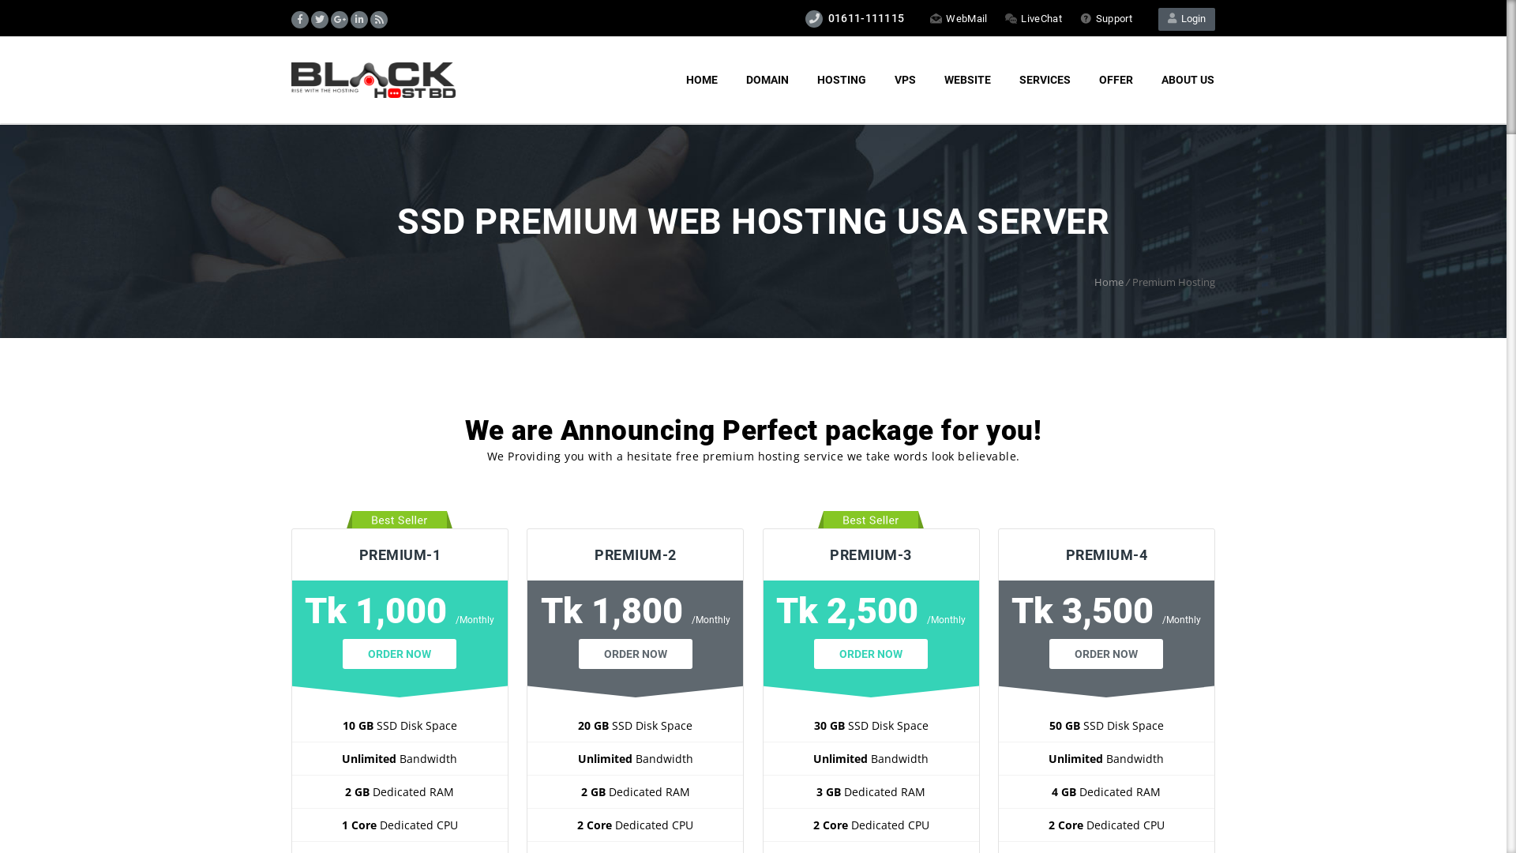 The height and width of the screenshot is (853, 1516). Describe the element at coordinates (1033, 18) in the screenshot. I see `'LiveChat'` at that location.